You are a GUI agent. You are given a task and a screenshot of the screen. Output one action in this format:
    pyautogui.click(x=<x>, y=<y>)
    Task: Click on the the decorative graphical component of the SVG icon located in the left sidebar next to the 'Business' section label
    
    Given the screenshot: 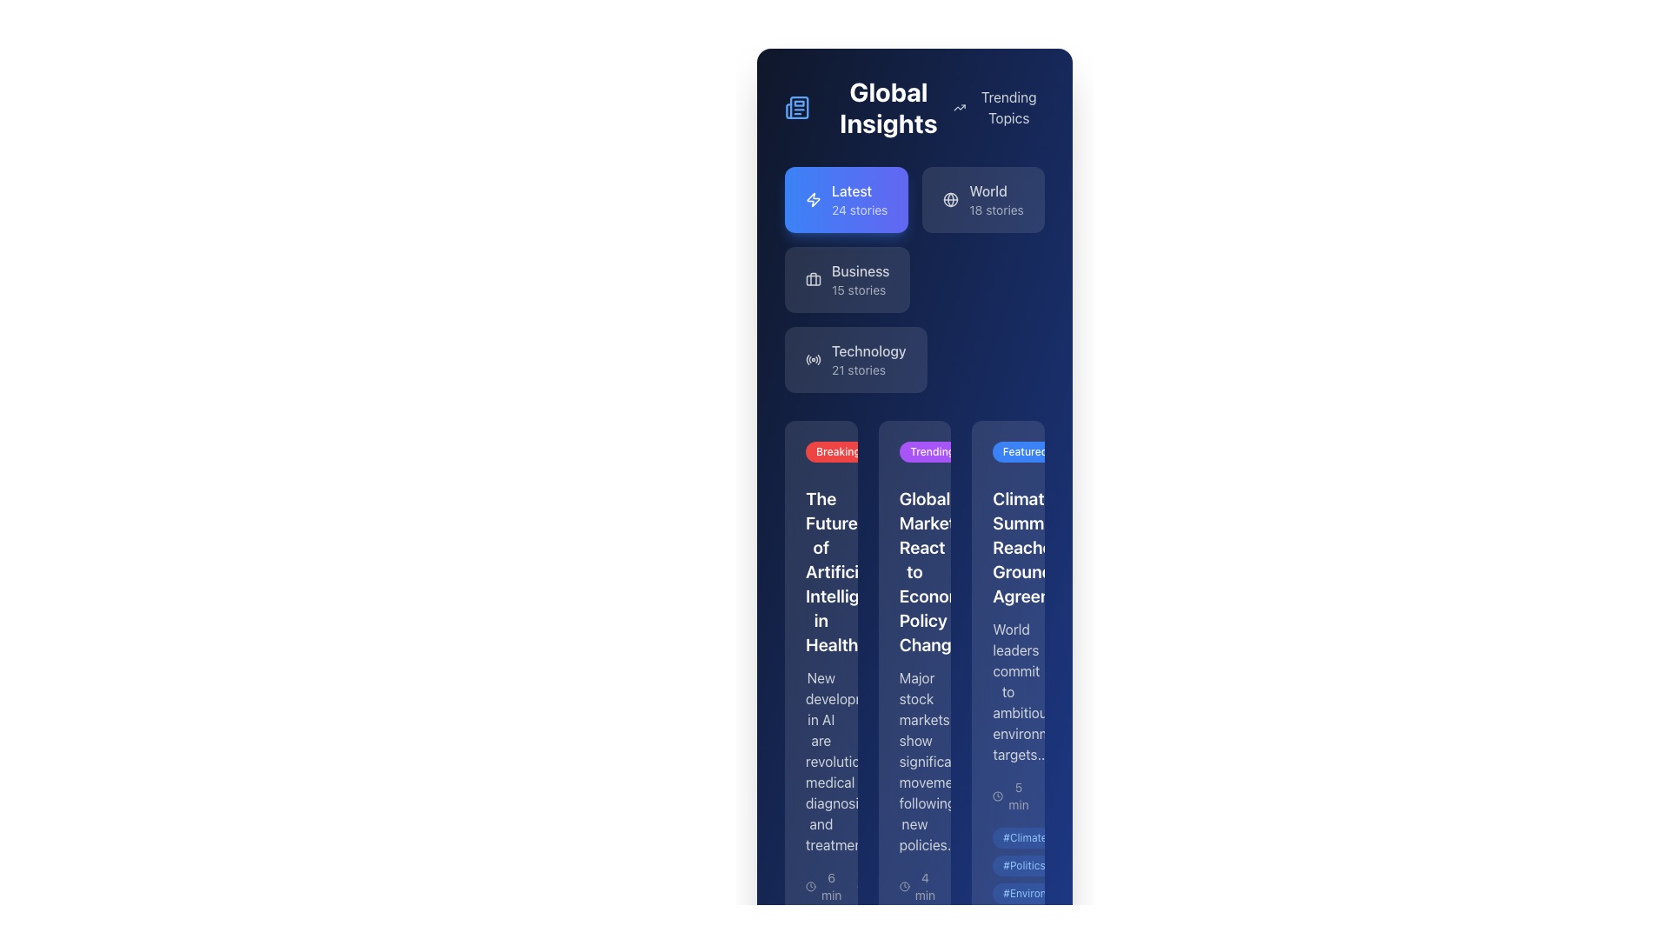 What is the action you would take?
    pyautogui.click(x=813, y=277)
    